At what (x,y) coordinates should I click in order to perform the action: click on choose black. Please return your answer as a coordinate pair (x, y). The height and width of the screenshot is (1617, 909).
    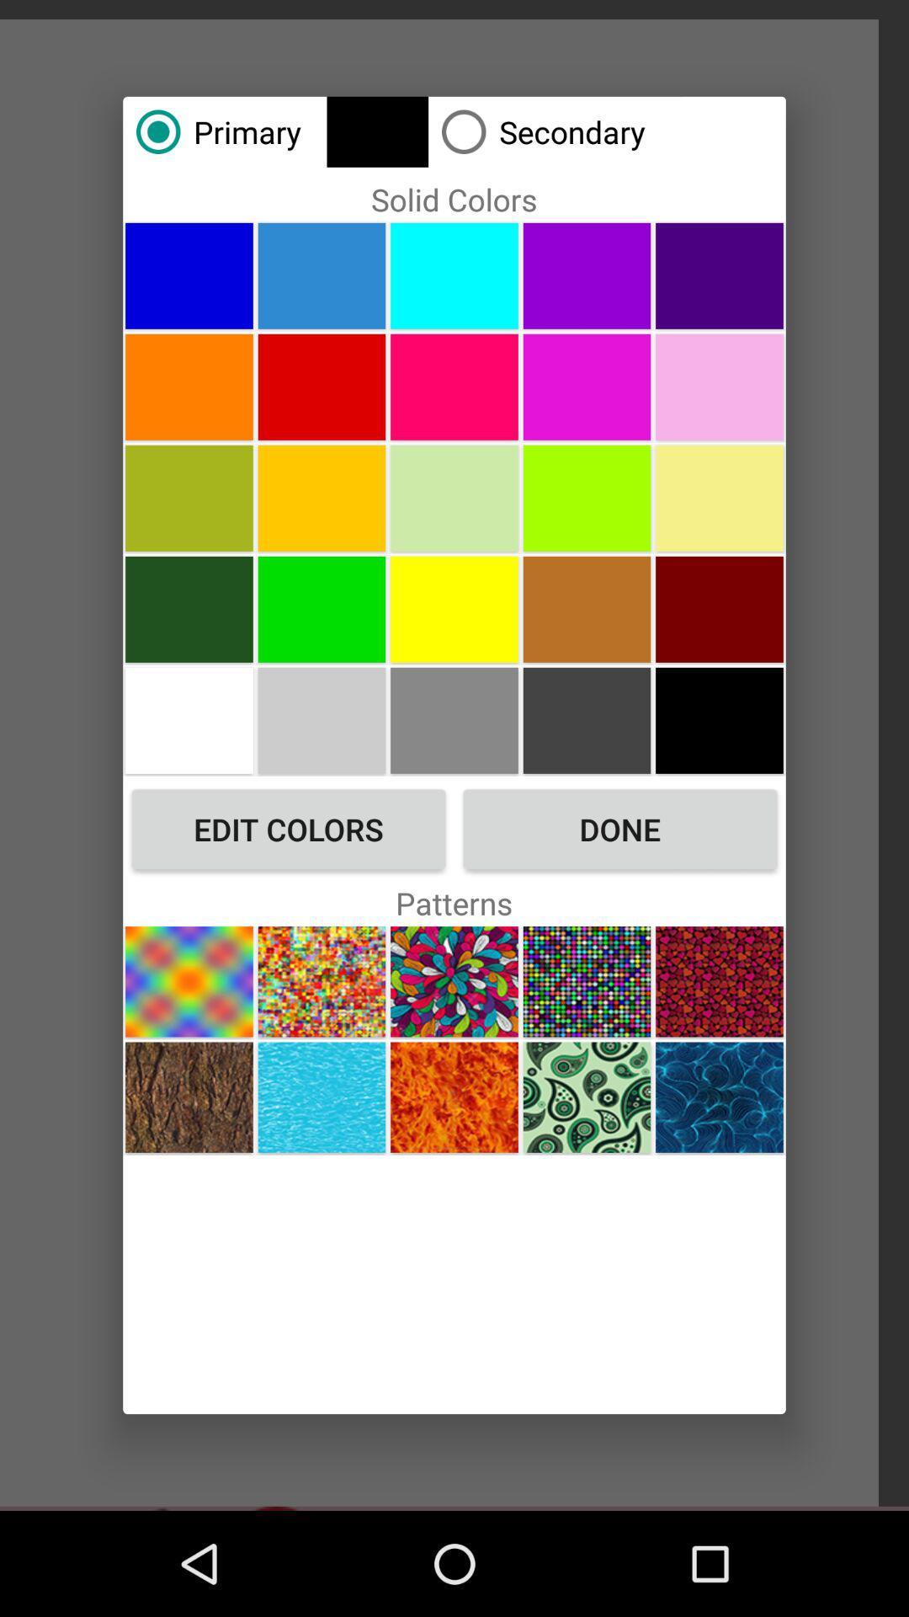
    Looking at the image, I should click on (720, 720).